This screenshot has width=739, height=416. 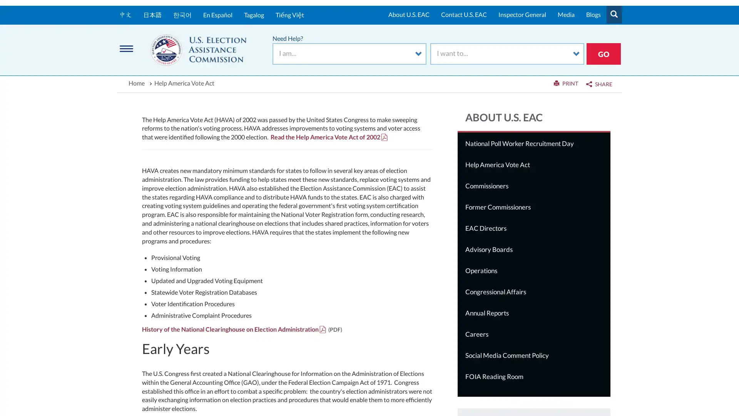 I want to click on Menu, so click(x=127, y=49).